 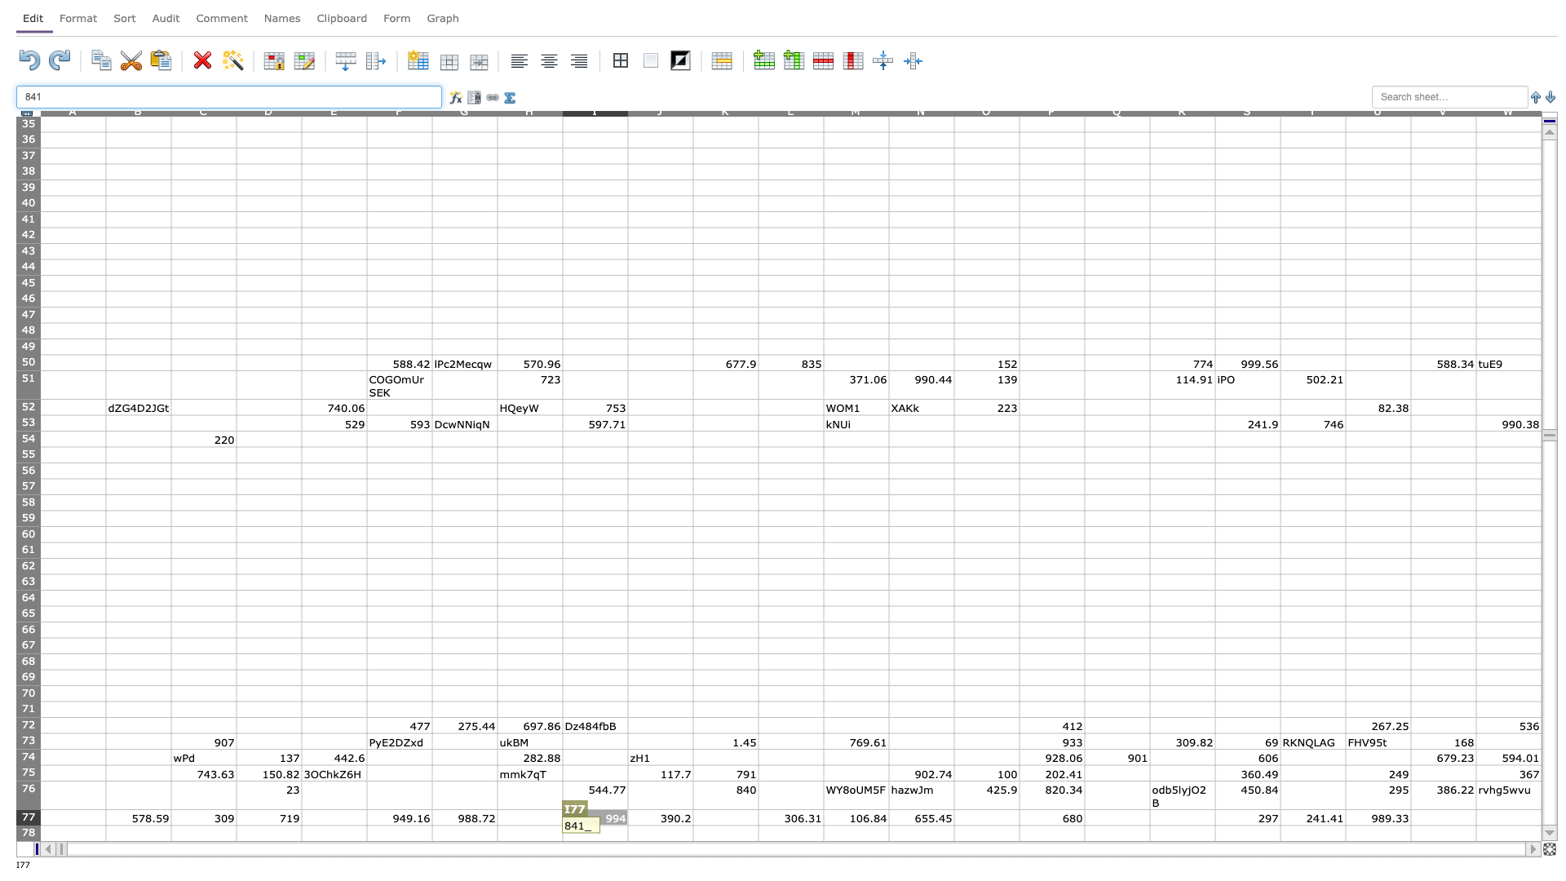 What do you see at coordinates (626, 825) in the screenshot?
I see `Top left corner of cell J-78` at bounding box center [626, 825].